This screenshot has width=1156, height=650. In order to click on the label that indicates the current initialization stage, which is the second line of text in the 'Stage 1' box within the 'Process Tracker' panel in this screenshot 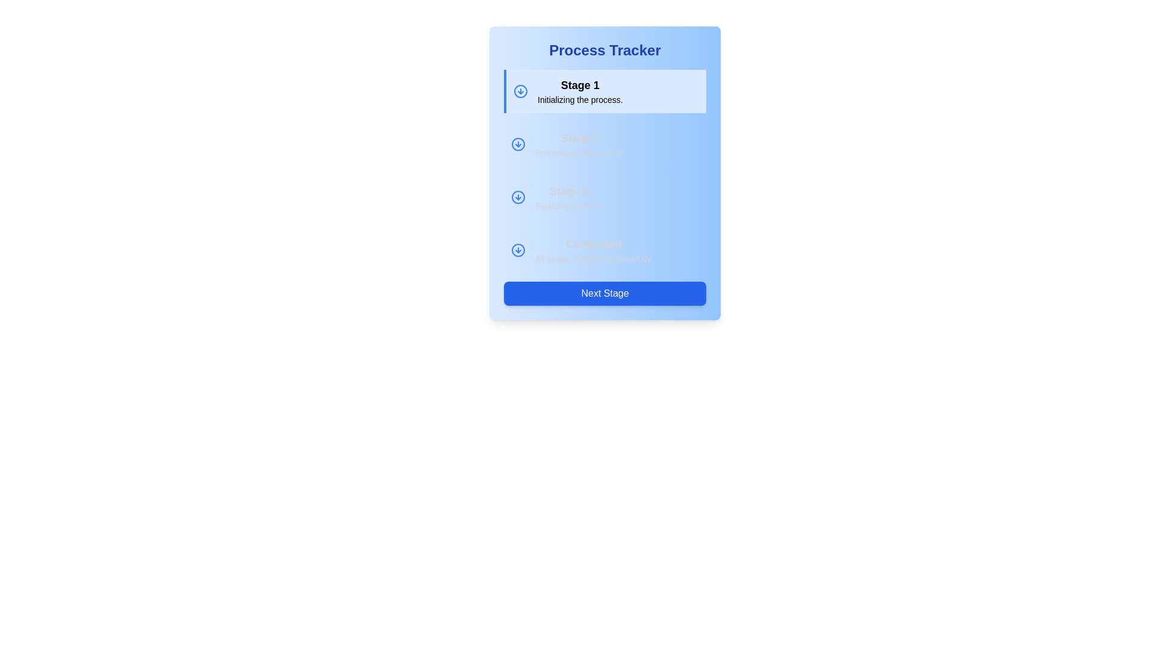, I will do `click(580, 99)`.